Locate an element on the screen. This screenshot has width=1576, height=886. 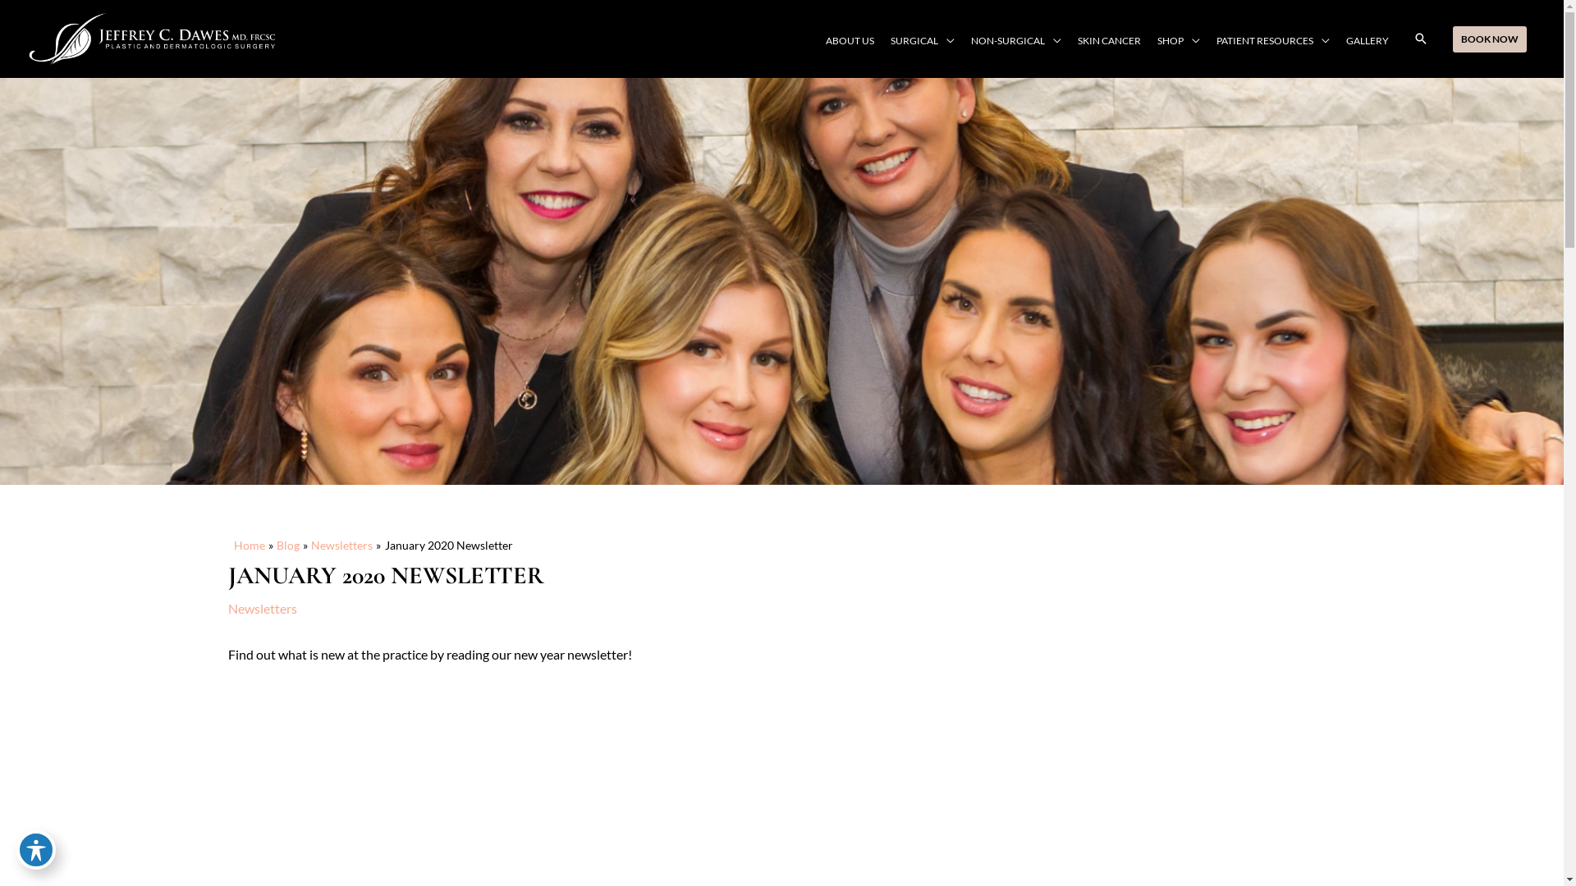
'Blog' is located at coordinates (287, 545).